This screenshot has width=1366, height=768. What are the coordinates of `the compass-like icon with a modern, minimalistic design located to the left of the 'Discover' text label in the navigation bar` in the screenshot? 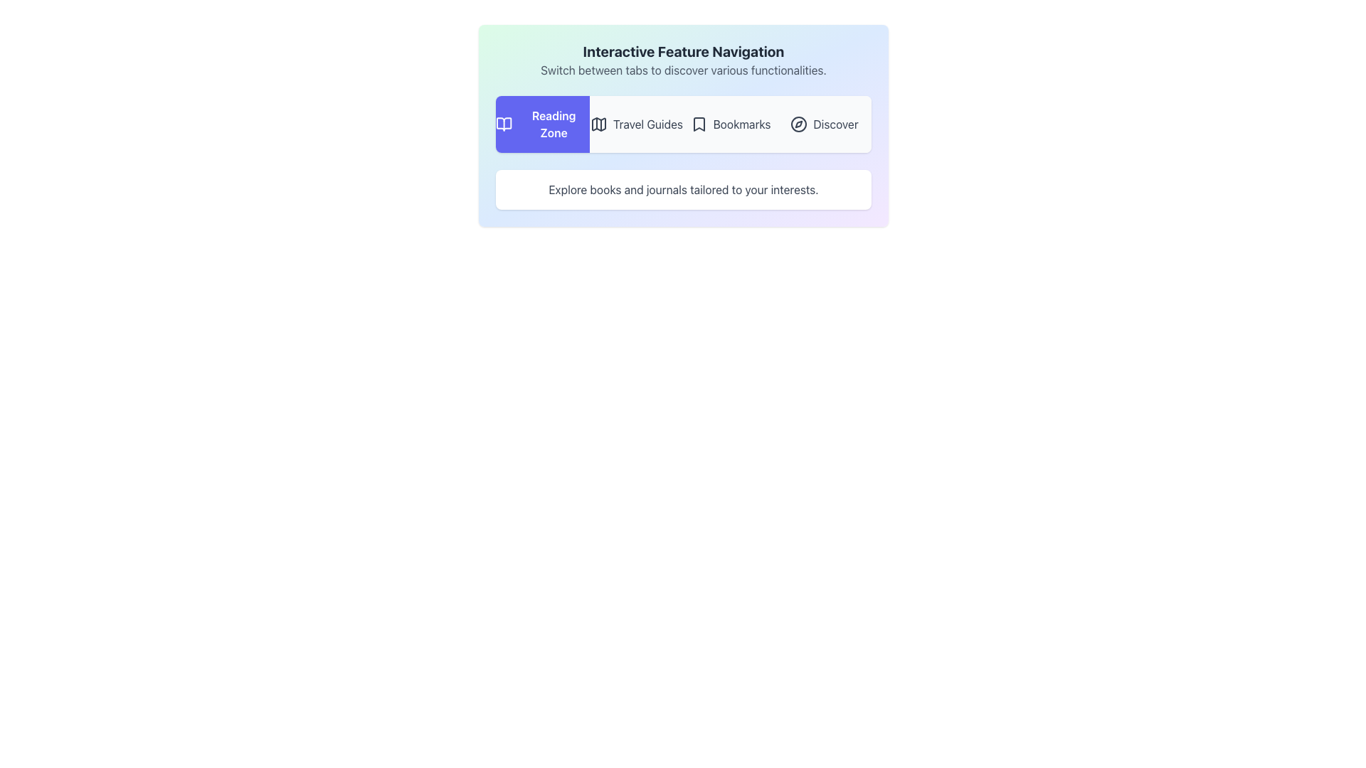 It's located at (799, 123).